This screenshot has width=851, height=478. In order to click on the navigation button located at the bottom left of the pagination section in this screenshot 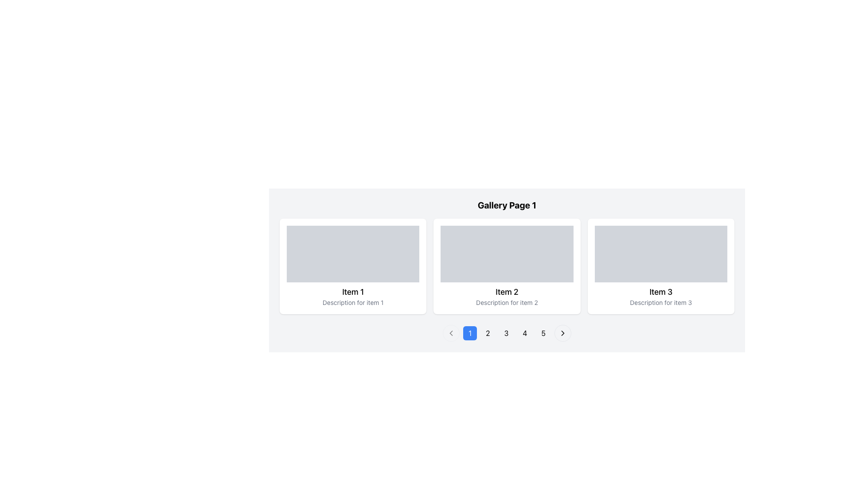, I will do `click(451, 333)`.